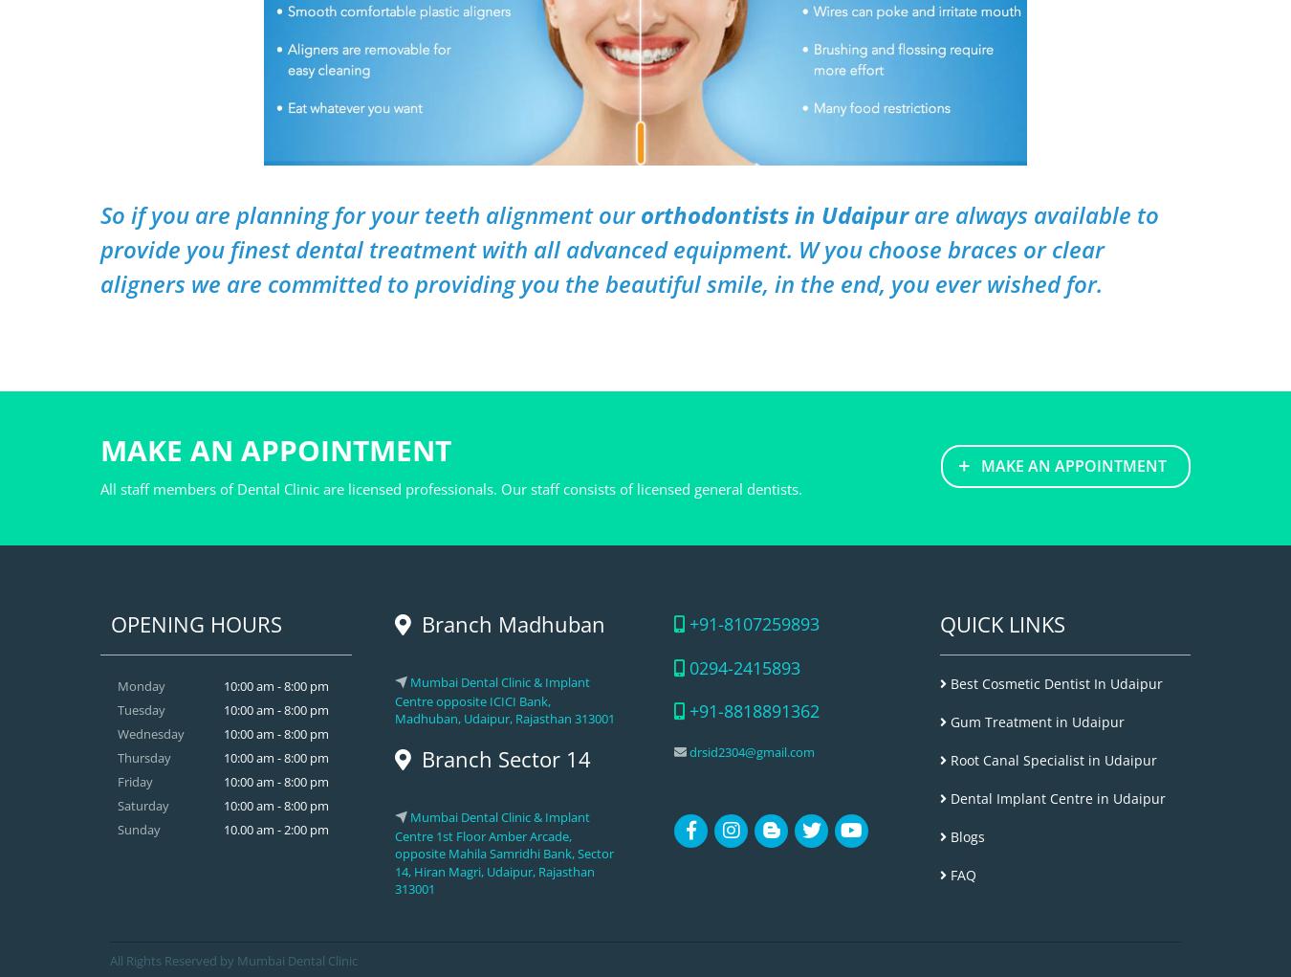 The width and height of the screenshot is (1291, 977). What do you see at coordinates (232, 960) in the screenshot?
I see `'All Rights Reserved by Mumbai Dental Clinic'` at bounding box center [232, 960].